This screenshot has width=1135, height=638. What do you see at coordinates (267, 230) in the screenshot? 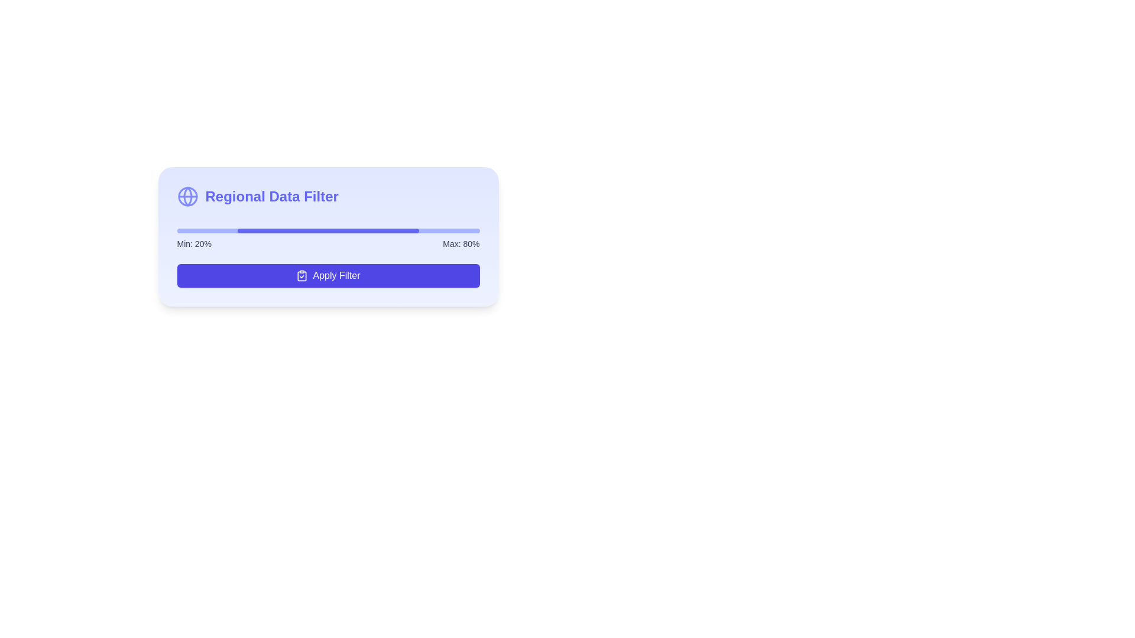
I see `the filter value` at bounding box center [267, 230].